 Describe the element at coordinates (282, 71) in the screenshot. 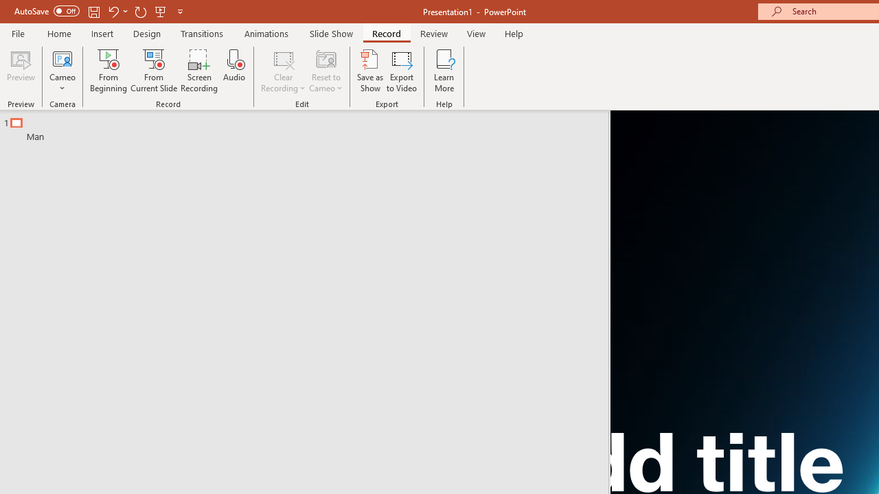

I see `'Clear Recording'` at that location.